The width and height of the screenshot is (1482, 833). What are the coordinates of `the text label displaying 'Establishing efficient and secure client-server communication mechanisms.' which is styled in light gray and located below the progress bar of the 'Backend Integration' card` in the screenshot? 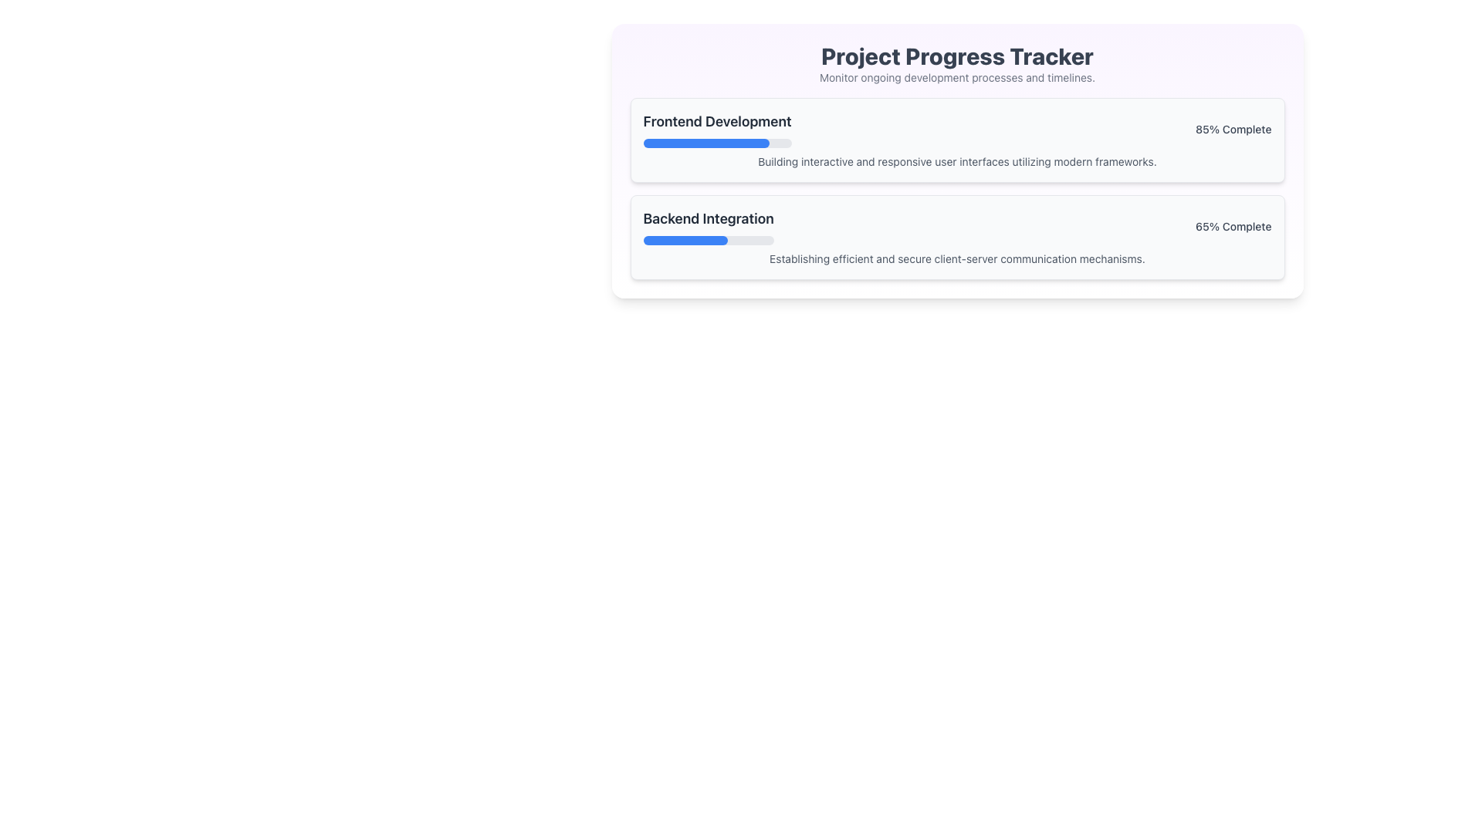 It's located at (956, 258).